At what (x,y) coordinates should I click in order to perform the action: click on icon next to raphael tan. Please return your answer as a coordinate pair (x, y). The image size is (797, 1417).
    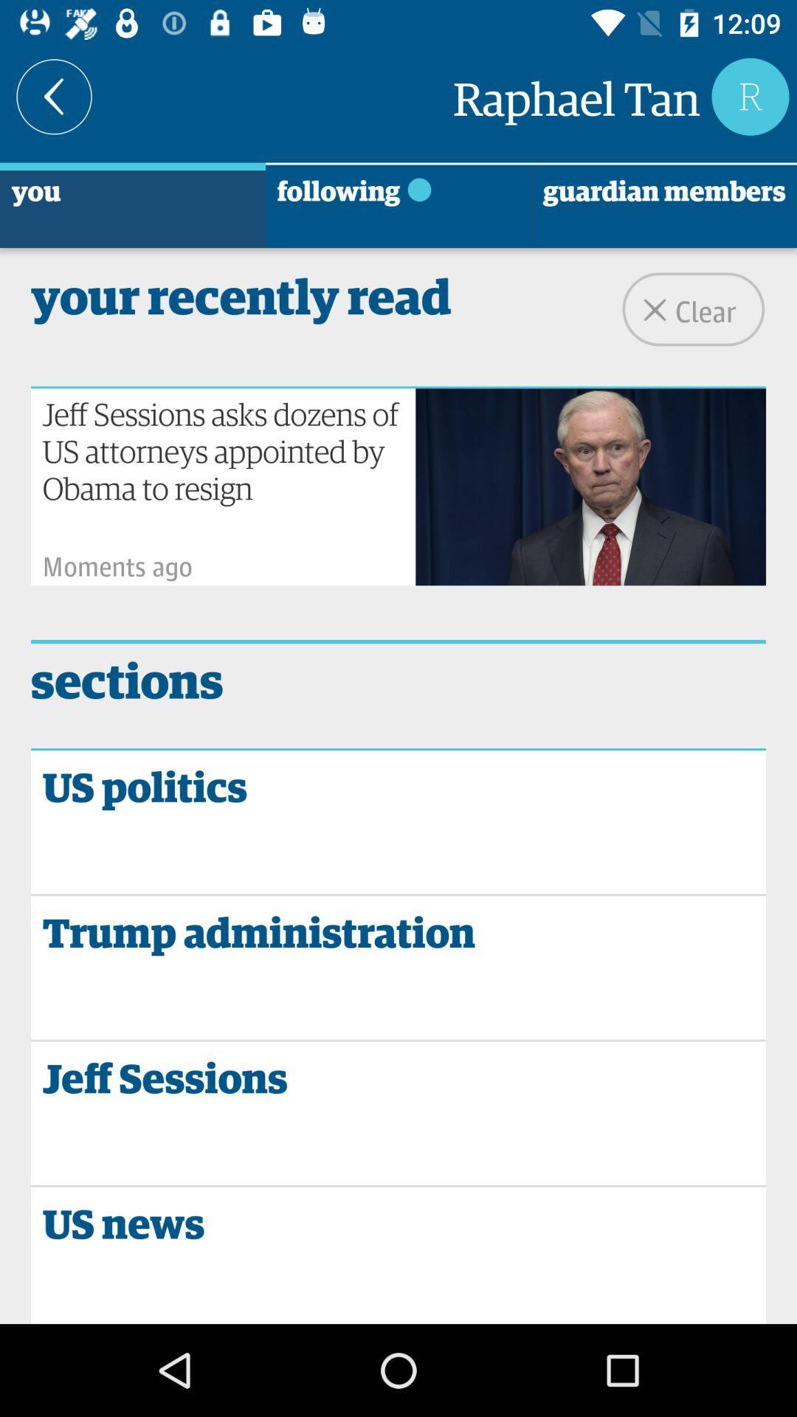
    Looking at the image, I should click on (53, 96).